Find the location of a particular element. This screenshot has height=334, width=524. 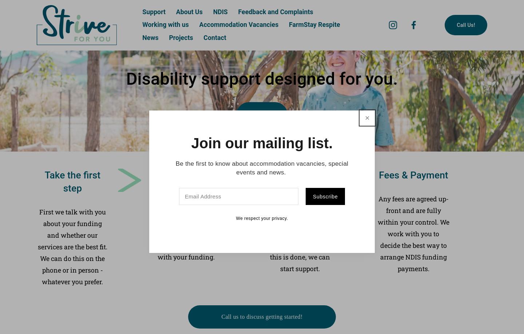

'Fees & Payment' is located at coordinates (413, 175).